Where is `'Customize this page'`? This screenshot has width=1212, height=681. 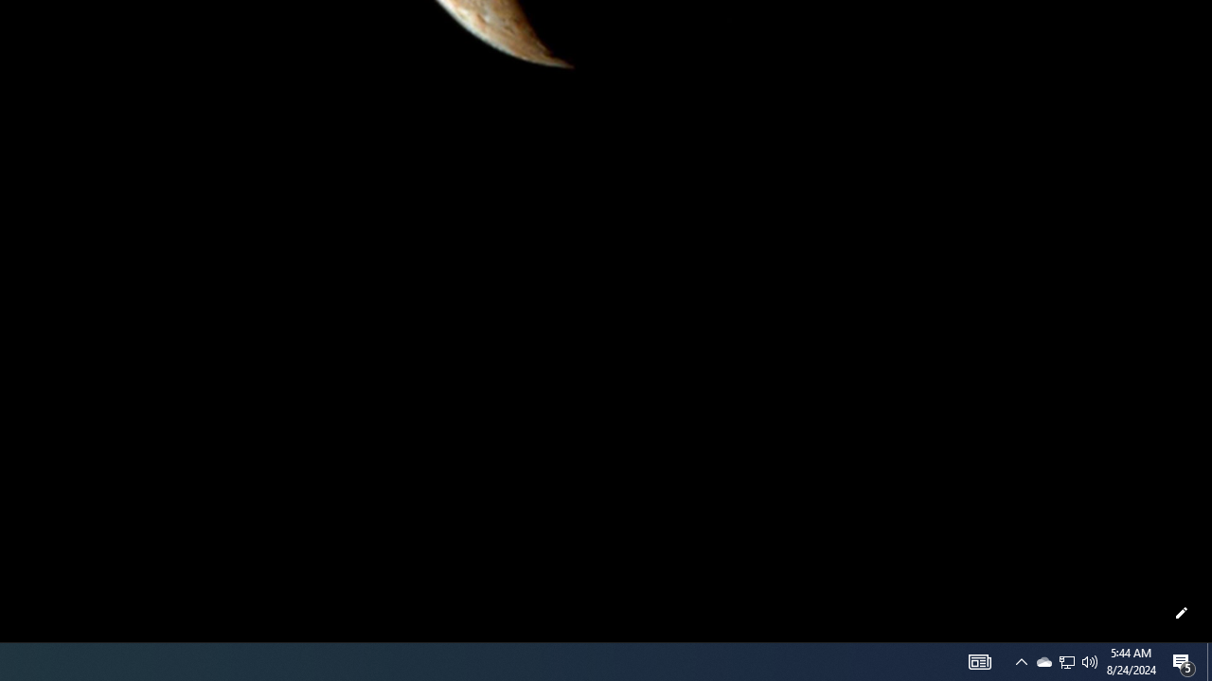
'Customize this page' is located at coordinates (1181, 613).